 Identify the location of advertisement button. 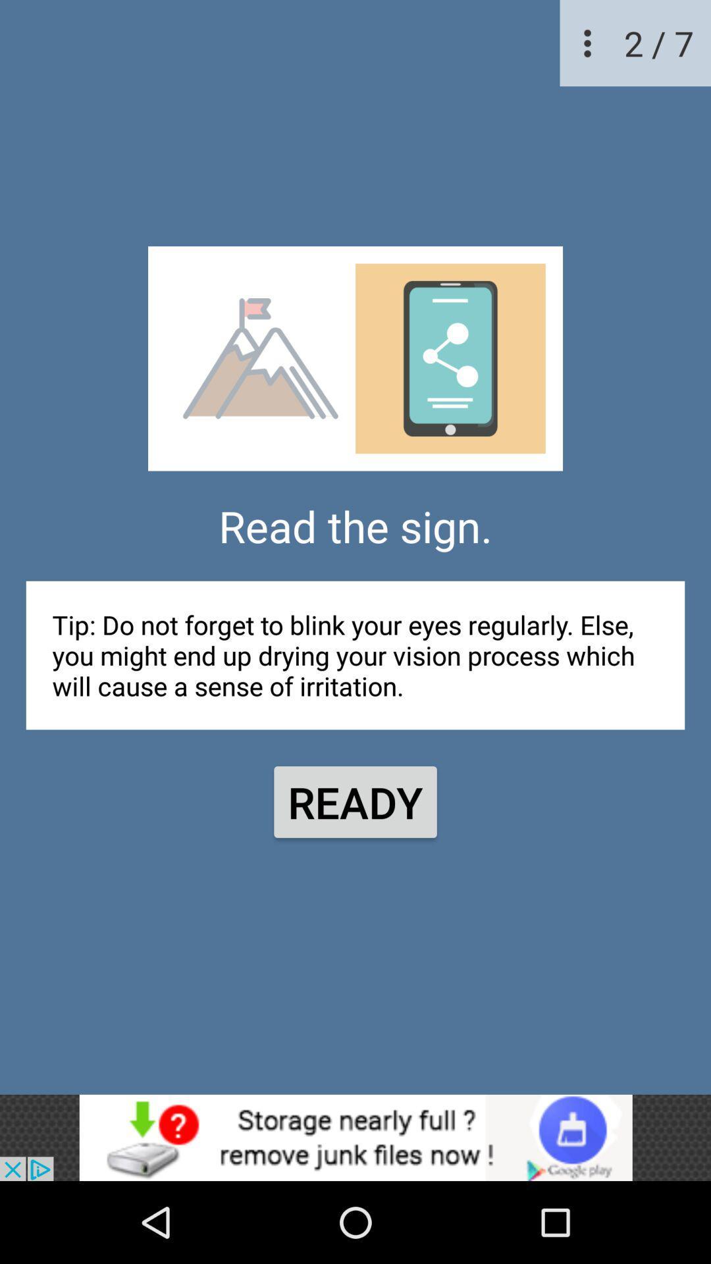
(355, 1137).